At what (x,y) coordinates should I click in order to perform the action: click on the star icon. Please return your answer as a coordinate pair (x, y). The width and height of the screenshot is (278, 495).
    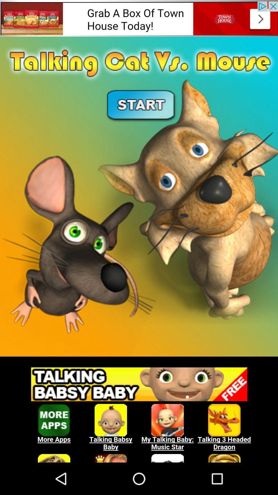
    Looking at the image, I should click on (23, 228).